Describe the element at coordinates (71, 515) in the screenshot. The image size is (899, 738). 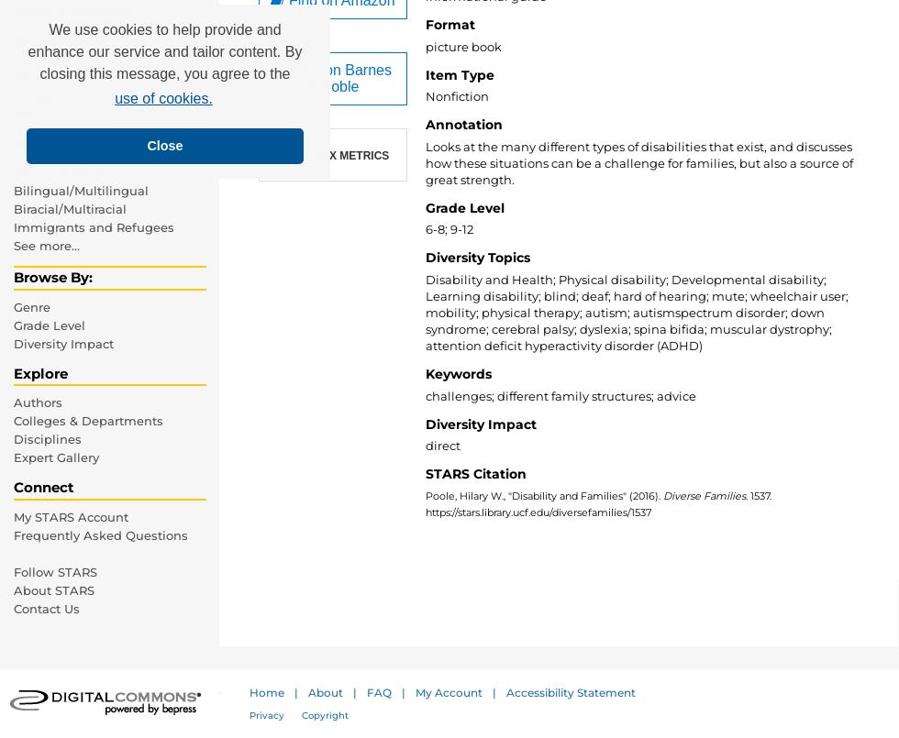
I see `'My STARS Account'` at that location.